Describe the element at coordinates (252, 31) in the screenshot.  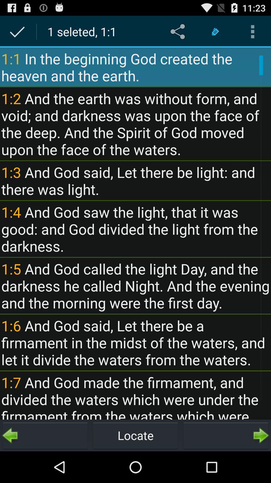
I see `icon above the 1 1 in` at that location.